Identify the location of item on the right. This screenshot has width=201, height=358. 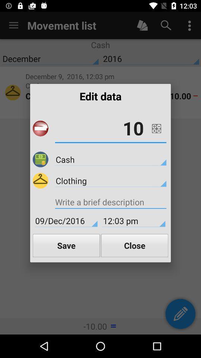
(156, 128).